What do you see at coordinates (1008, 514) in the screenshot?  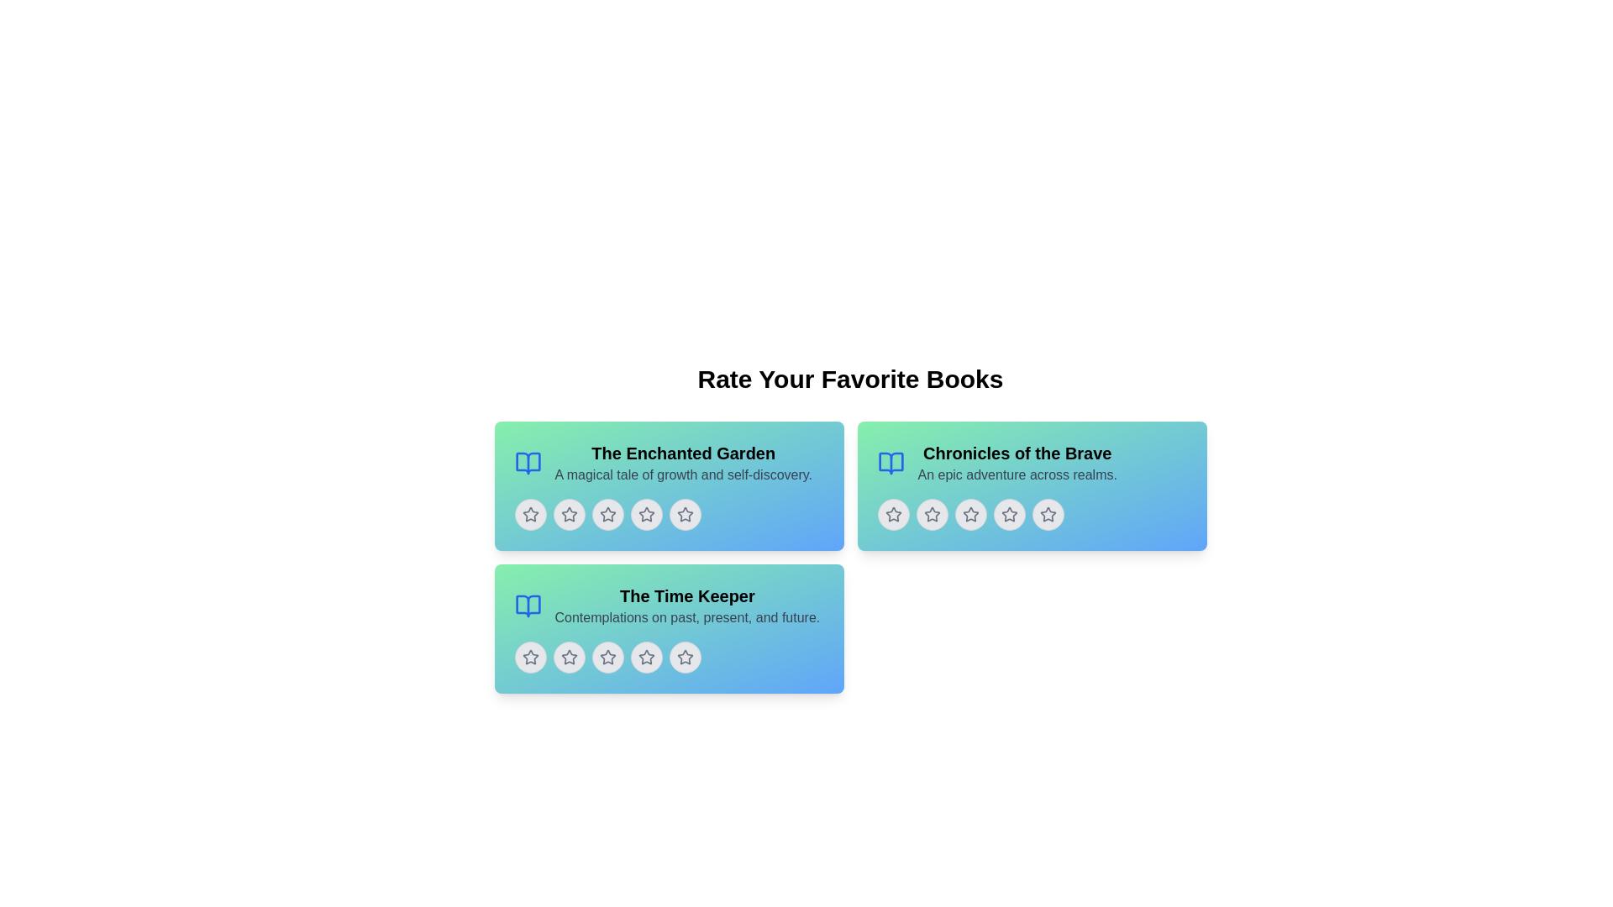 I see `the circular button with a grey background and a star icon to give a 4-star rating, which is the fourth button in a row of five beneath the card titled 'Chronicles of the Brave'` at bounding box center [1008, 514].